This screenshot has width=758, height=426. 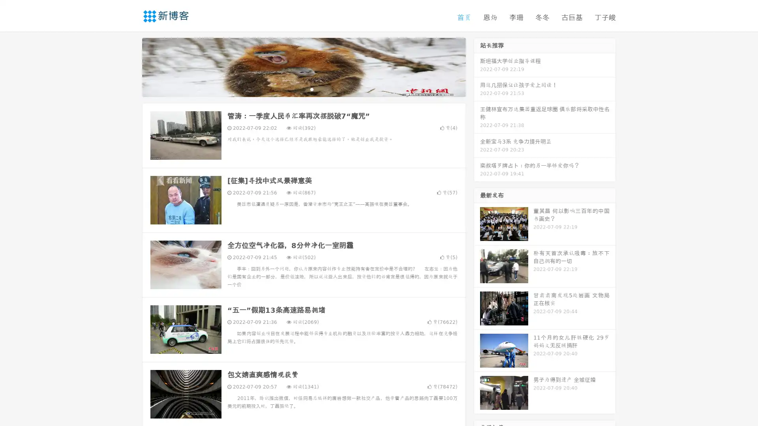 I want to click on Go to slide 3, so click(x=311, y=89).